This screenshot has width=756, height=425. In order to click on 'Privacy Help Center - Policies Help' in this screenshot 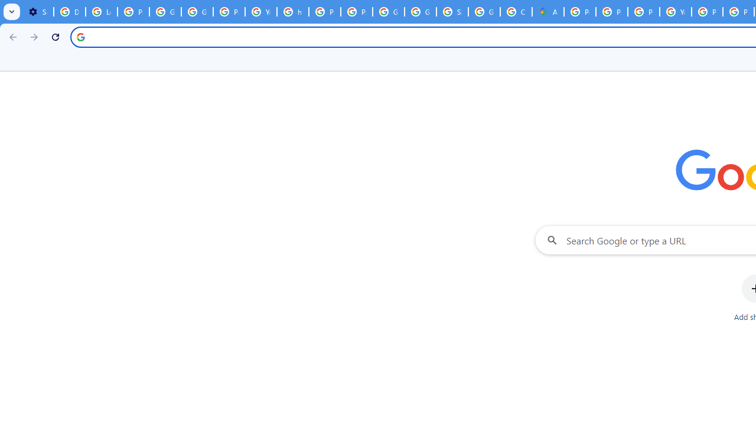, I will do `click(612, 12)`.